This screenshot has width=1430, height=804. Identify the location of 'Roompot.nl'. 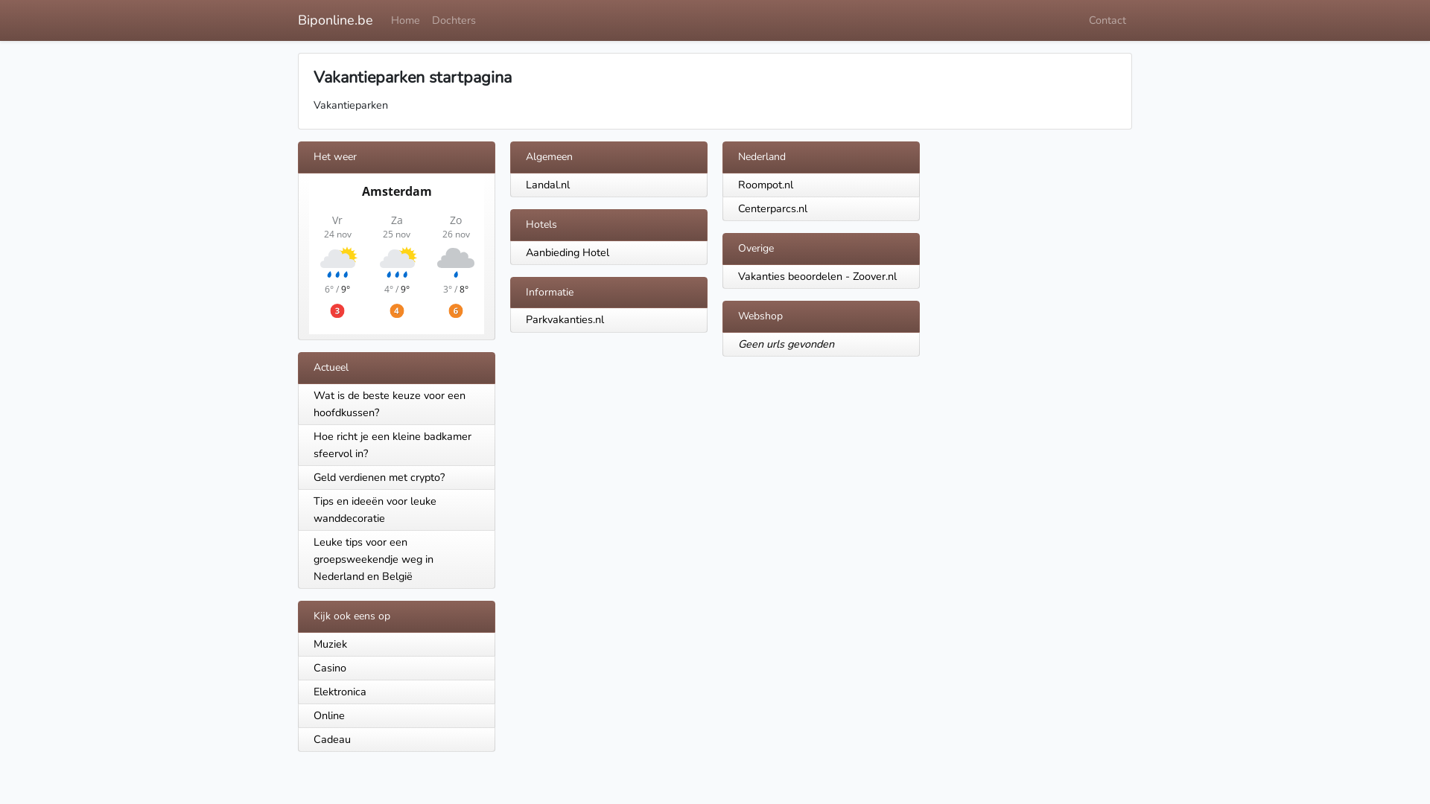
(765, 183).